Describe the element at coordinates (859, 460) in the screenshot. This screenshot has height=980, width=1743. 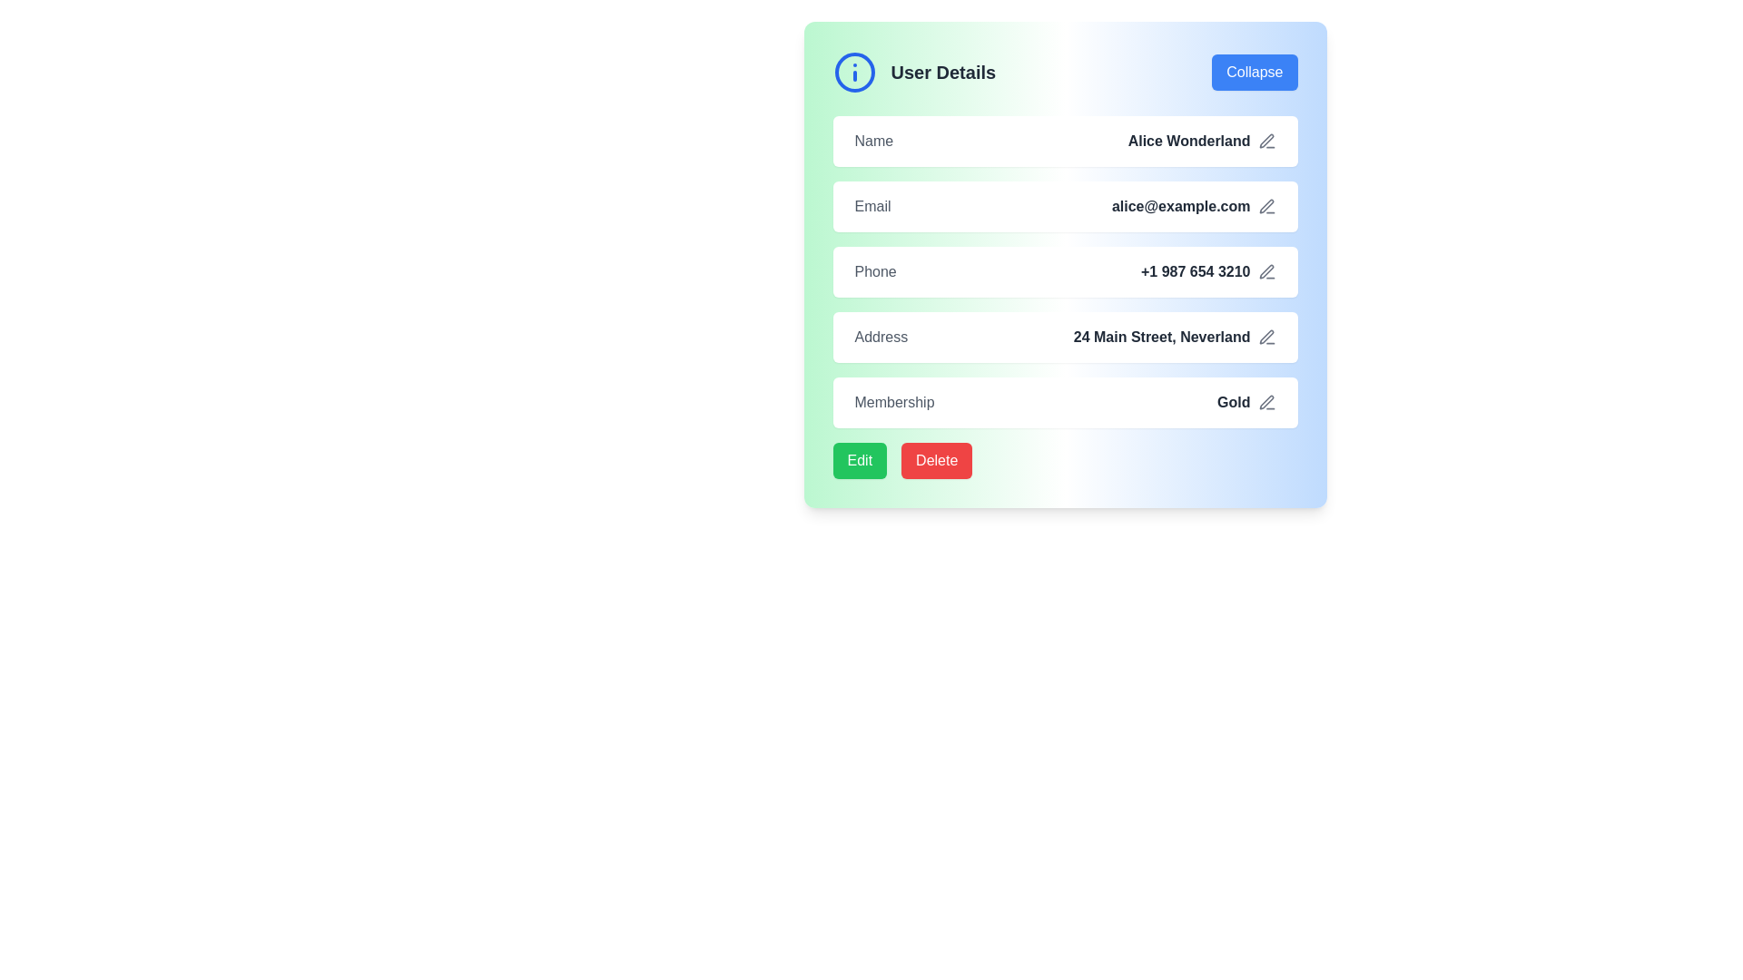
I see `the edit button located at the bottom-left of the user details panel to change its background color` at that location.